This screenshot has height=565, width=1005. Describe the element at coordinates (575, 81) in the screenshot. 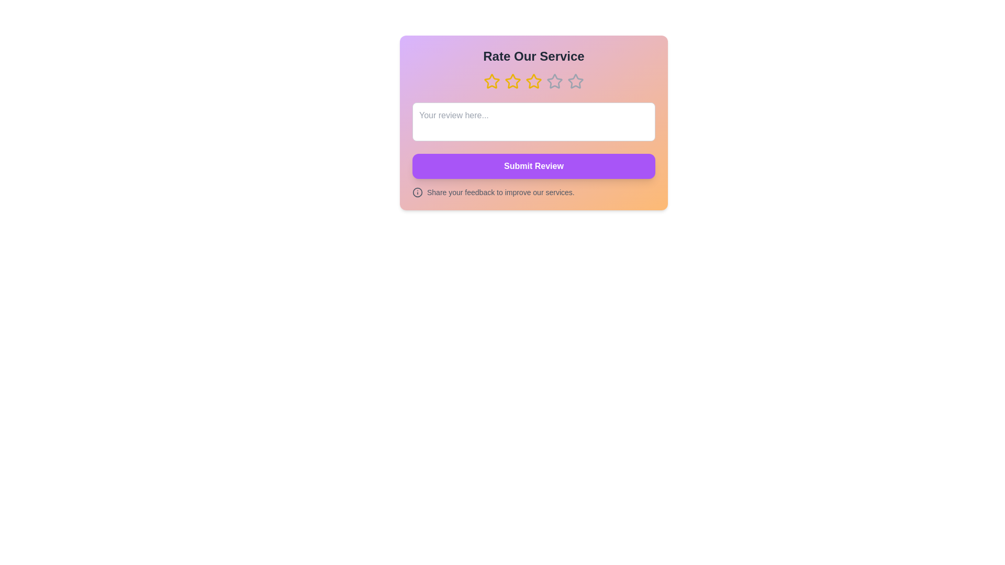

I see `the fifth gray star icon in the rating system` at that location.